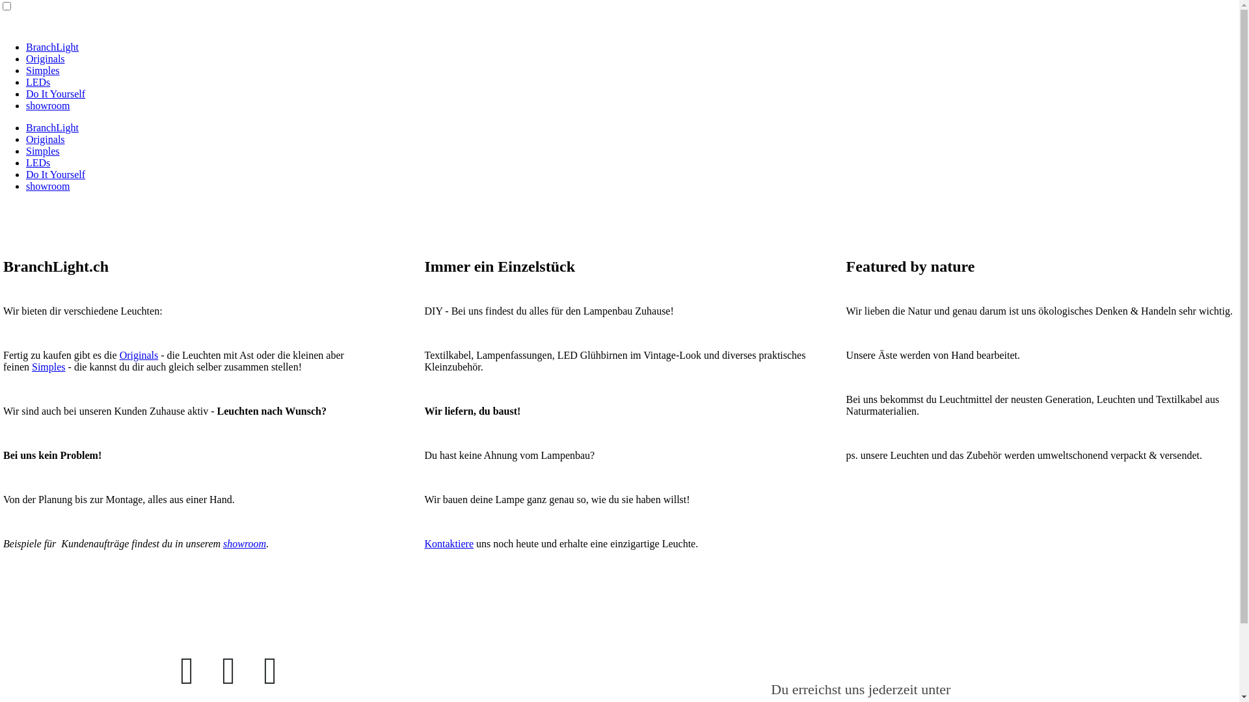  What do you see at coordinates (47, 186) in the screenshot?
I see `'showroom'` at bounding box center [47, 186].